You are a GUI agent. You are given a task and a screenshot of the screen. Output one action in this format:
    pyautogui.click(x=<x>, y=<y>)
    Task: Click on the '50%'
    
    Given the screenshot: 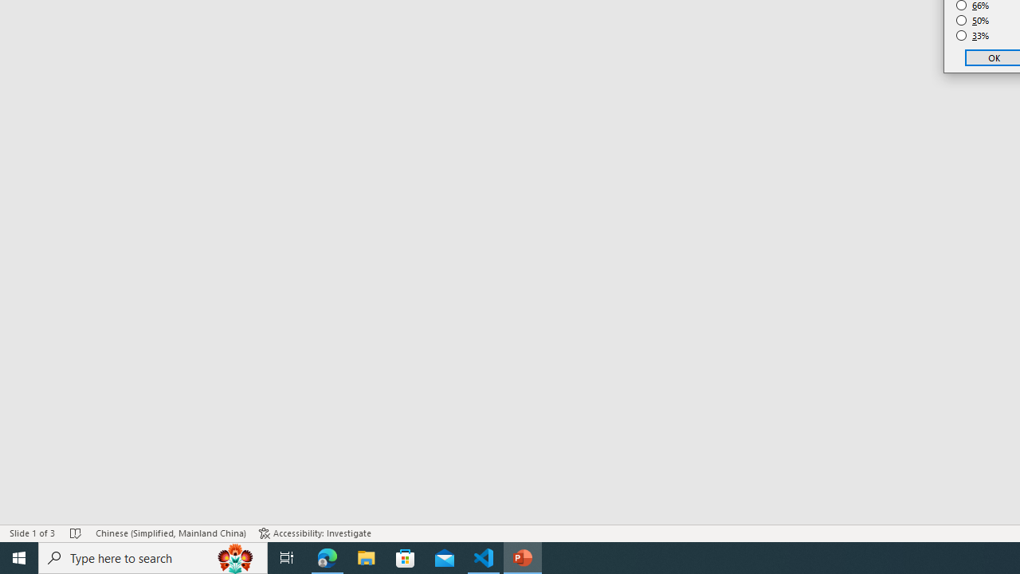 What is the action you would take?
    pyautogui.click(x=972, y=20)
    